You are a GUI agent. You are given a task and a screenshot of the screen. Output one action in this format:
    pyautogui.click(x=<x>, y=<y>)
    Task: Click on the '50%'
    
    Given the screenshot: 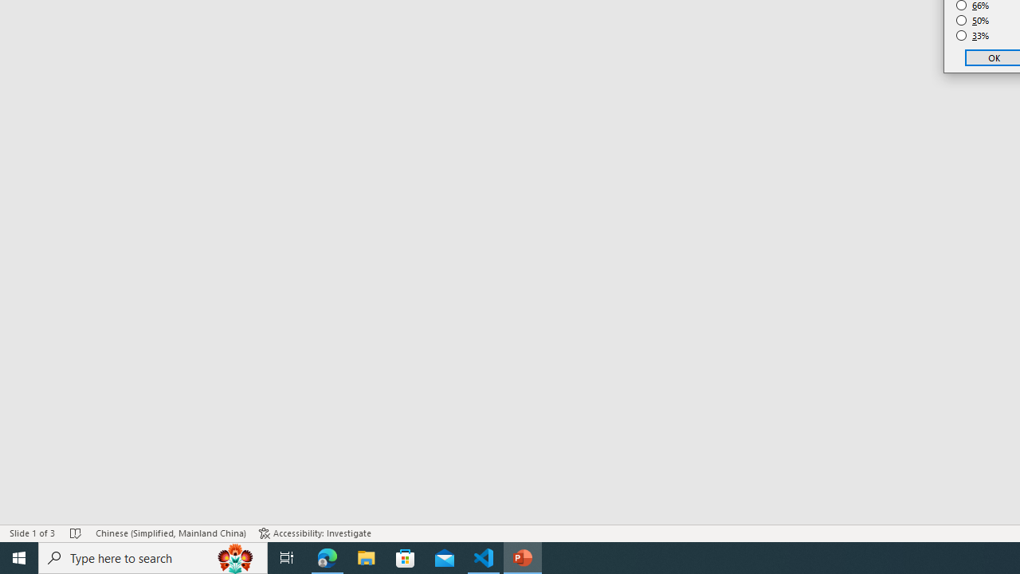 What is the action you would take?
    pyautogui.click(x=972, y=20)
    